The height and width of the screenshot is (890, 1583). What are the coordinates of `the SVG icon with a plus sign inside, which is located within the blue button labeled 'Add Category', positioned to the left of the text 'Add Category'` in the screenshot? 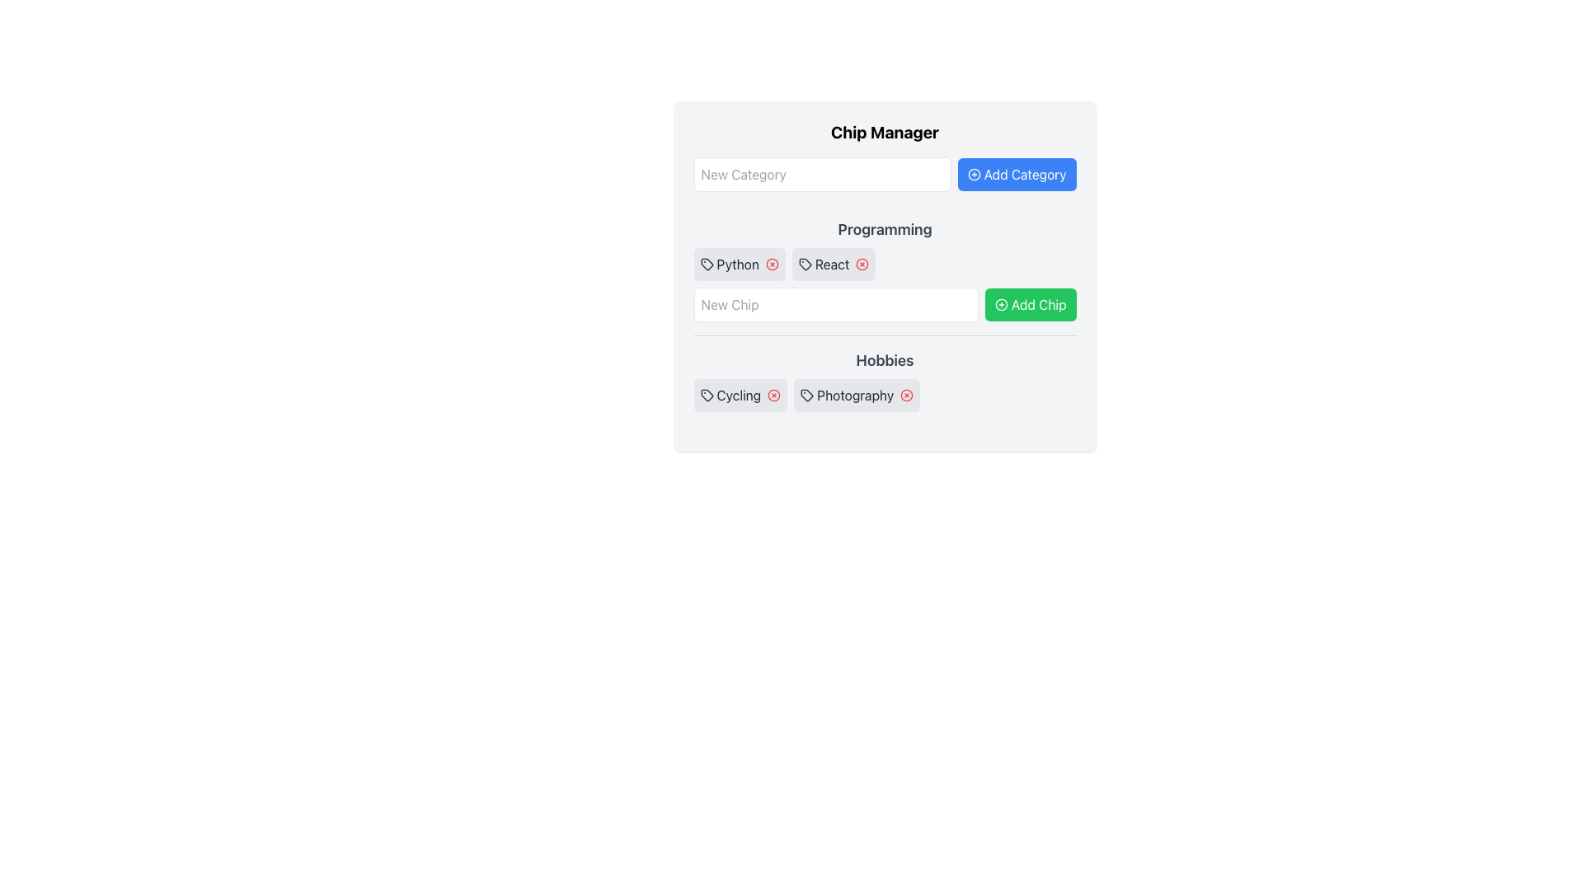 It's located at (974, 175).